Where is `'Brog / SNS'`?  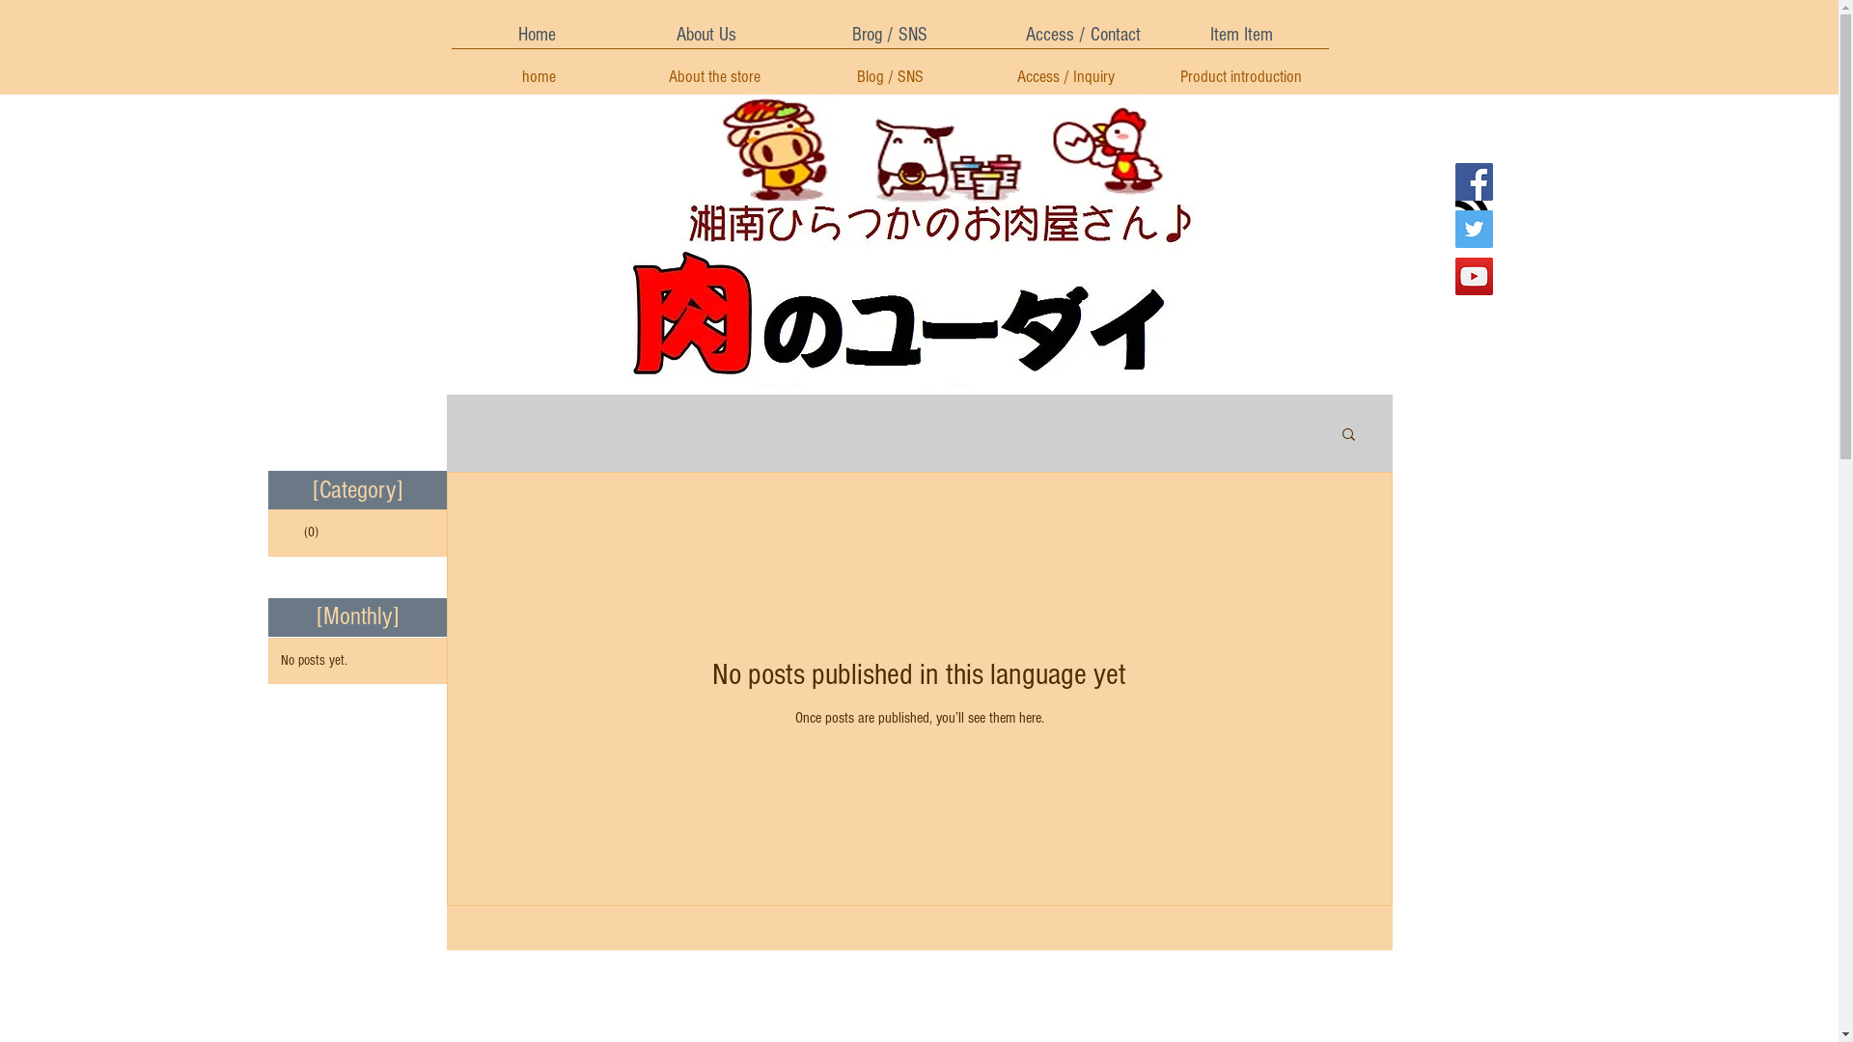
'Brog / SNS' is located at coordinates (838, 34).